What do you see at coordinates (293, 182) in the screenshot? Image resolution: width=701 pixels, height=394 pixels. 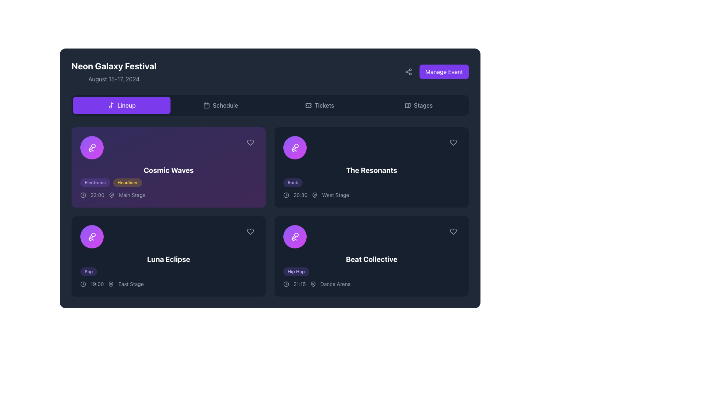 I see `the category or genre label for the performance 'The Resonants' in the 'Neon Galaxy Festival' interface, located below the performance name` at bounding box center [293, 182].